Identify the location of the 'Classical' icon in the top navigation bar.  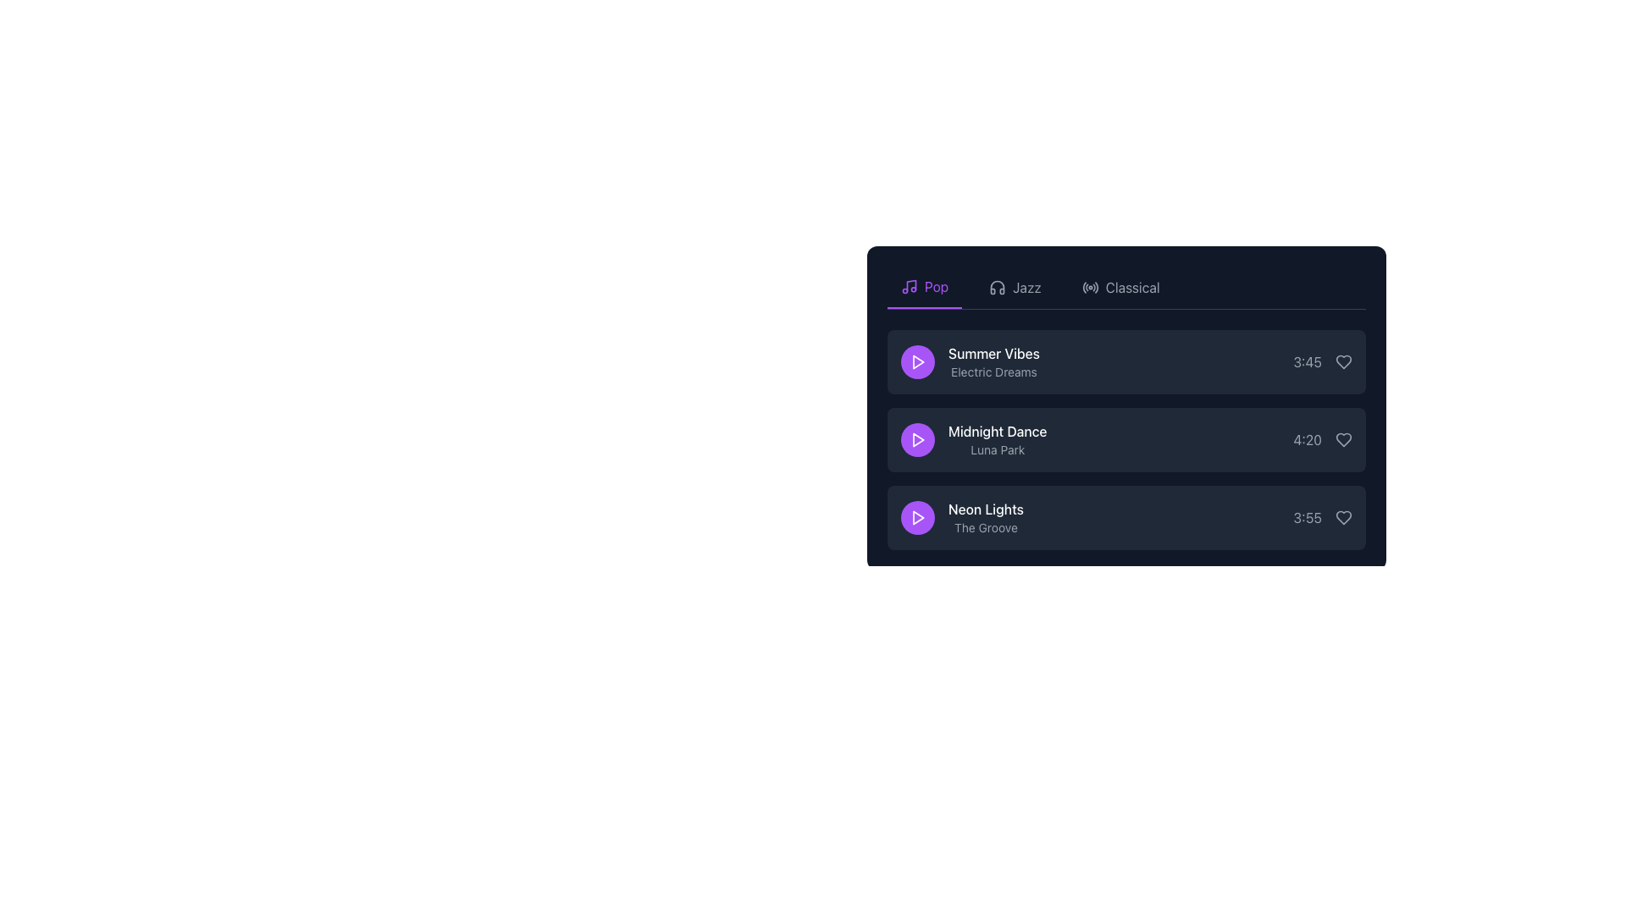
(1090, 286).